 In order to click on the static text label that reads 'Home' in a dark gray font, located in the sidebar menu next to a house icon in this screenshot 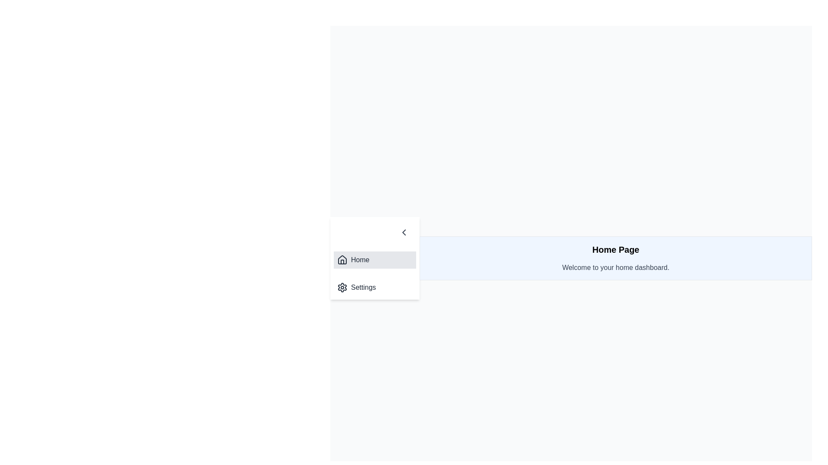, I will do `click(360, 260)`.